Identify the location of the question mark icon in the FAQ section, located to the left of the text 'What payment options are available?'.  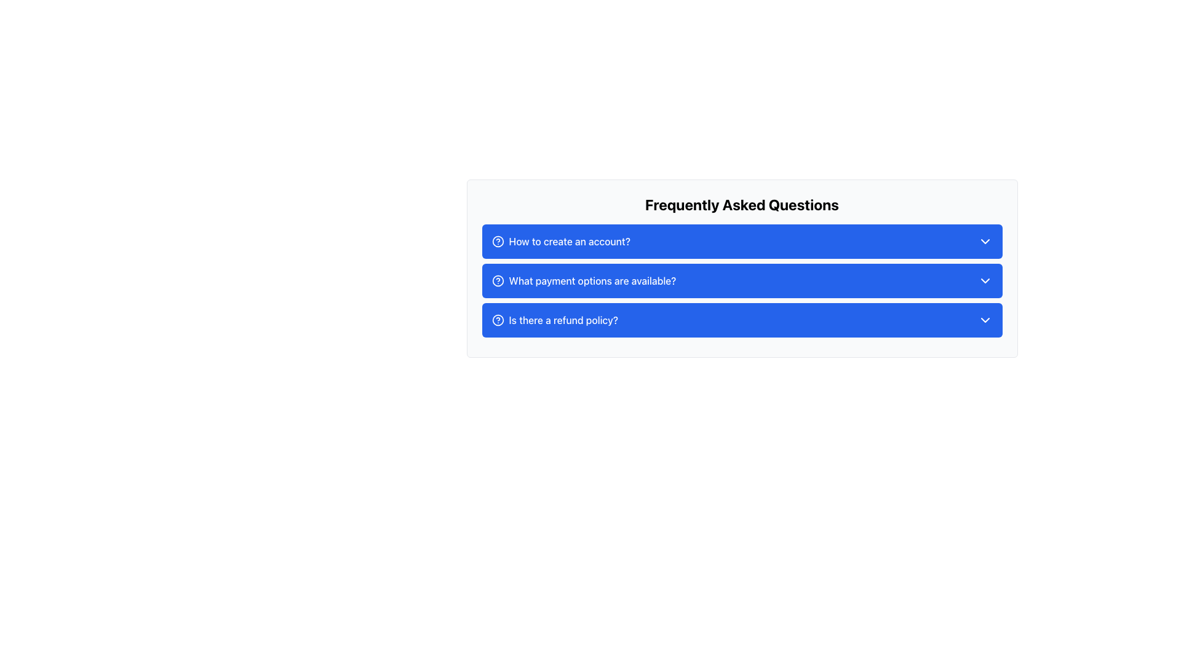
(498, 280).